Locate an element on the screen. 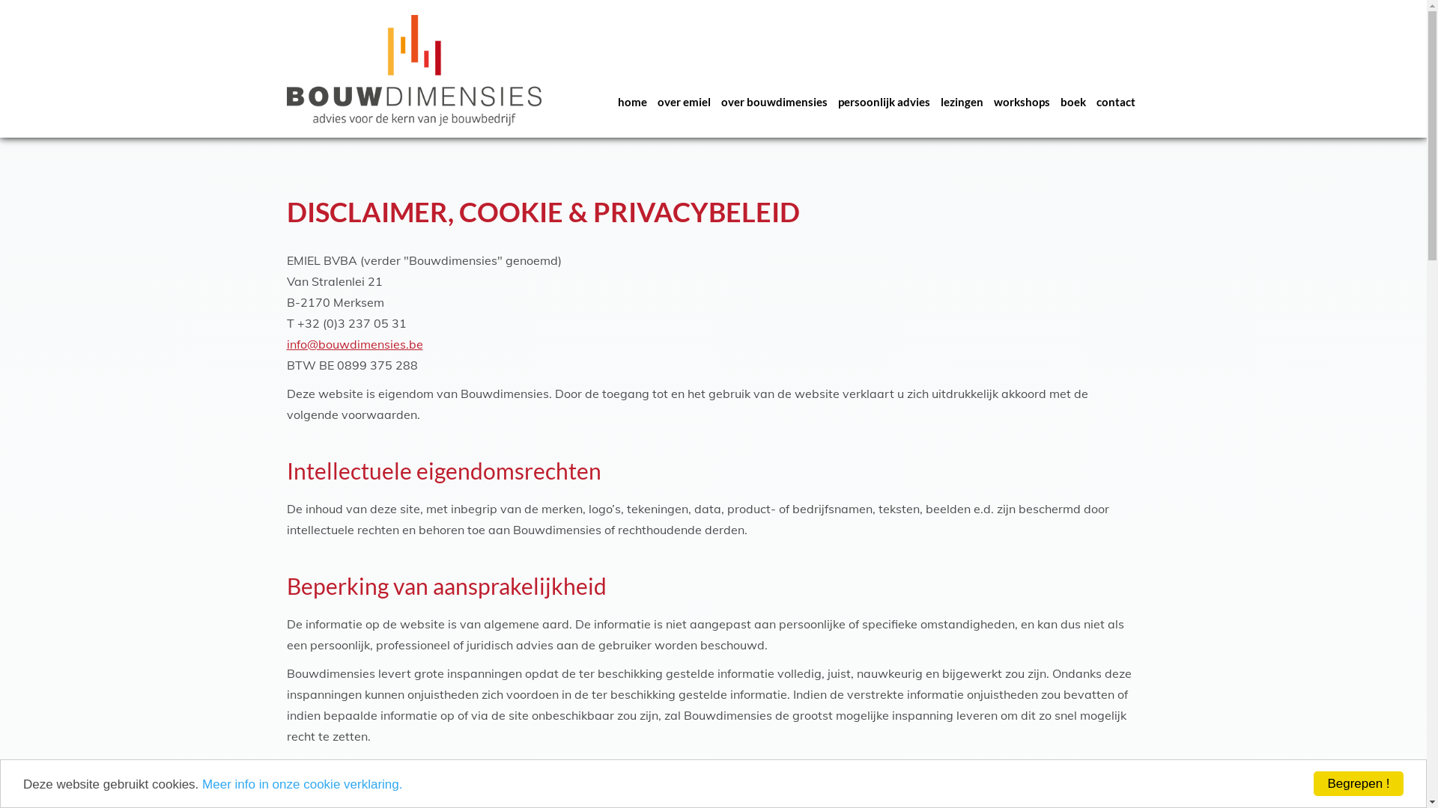 The width and height of the screenshot is (1438, 808). 'workshops' is located at coordinates (989, 100).